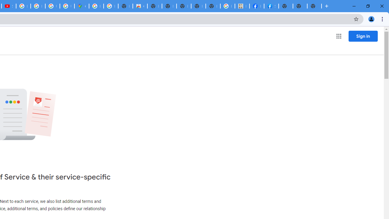 The height and width of the screenshot is (219, 389). I want to click on 'Chrome Web Store', so click(139, 6).